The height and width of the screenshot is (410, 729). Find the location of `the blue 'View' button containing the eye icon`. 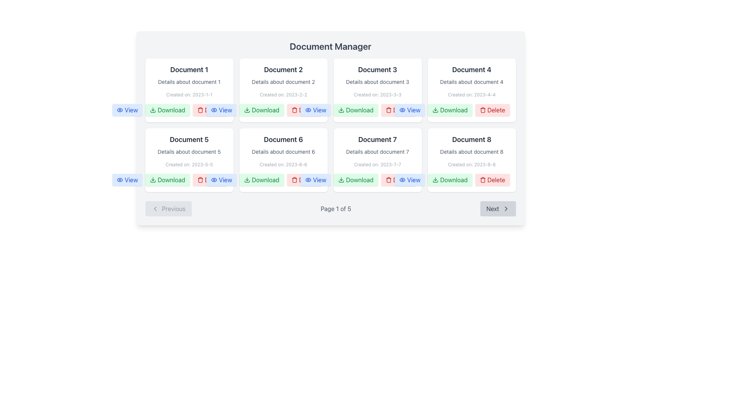

the blue 'View' button containing the eye icon is located at coordinates (120, 110).